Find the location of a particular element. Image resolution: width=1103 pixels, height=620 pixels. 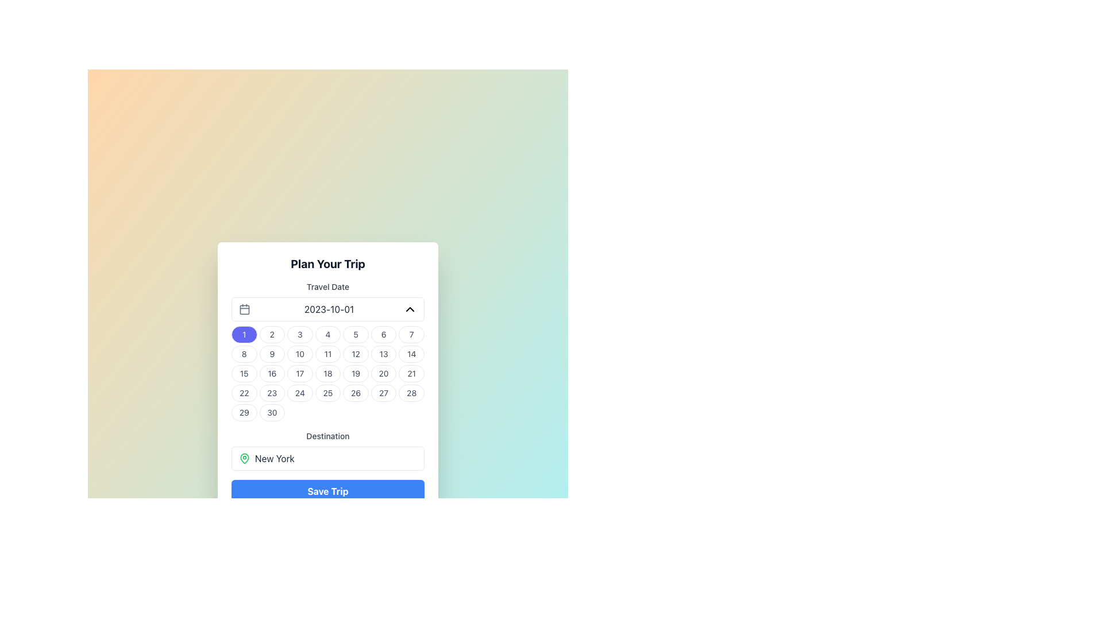

the circular button displaying the number '3' is located at coordinates (300, 334).